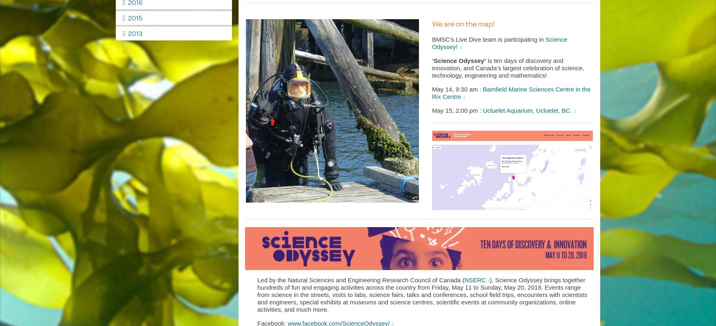 This screenshot has height=326, width=716. What do you see at coordinates (257, 295) in the screenshot?
I see `'), Science Odyssey brings together hundreds of fun and engaging activities across the country from Friday, May 11 to Sunday, May 20, 2018. Events range from science in the streets, visits to labs, science fairs, talks and conferences, school field trips, encounters with scientists and engineers, special exhibits at museums and science centres, scientific events at community organizations, online activities, and much more.'` at bounding box center [257, 295].